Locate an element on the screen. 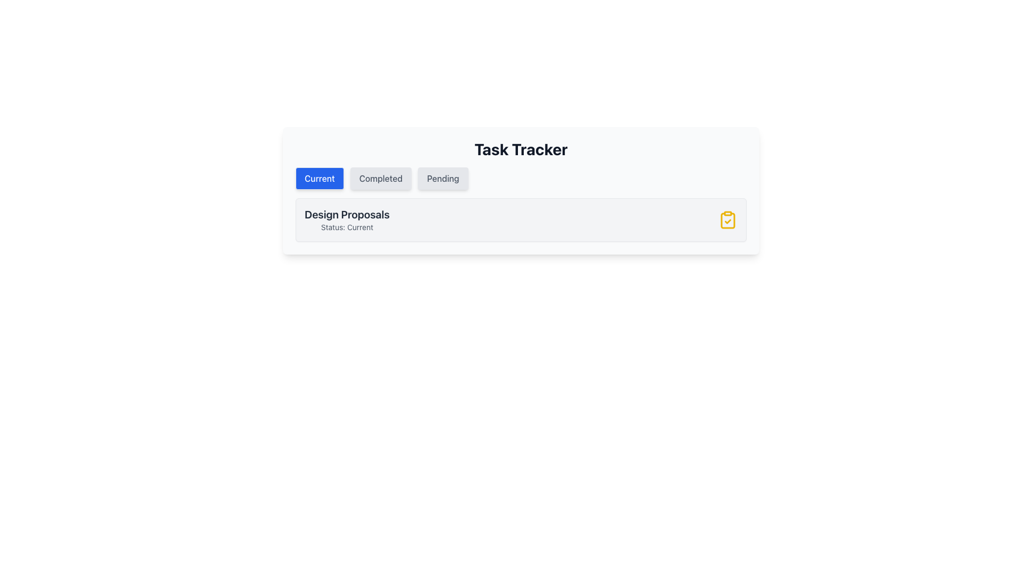 The width and height of the screenshot is (1021, 574). the 'Pending' button, which is the third button in a group of three horizontally aligned buttons located beneath the 'Task Tracker' heading is located at coordinates (443, 178).